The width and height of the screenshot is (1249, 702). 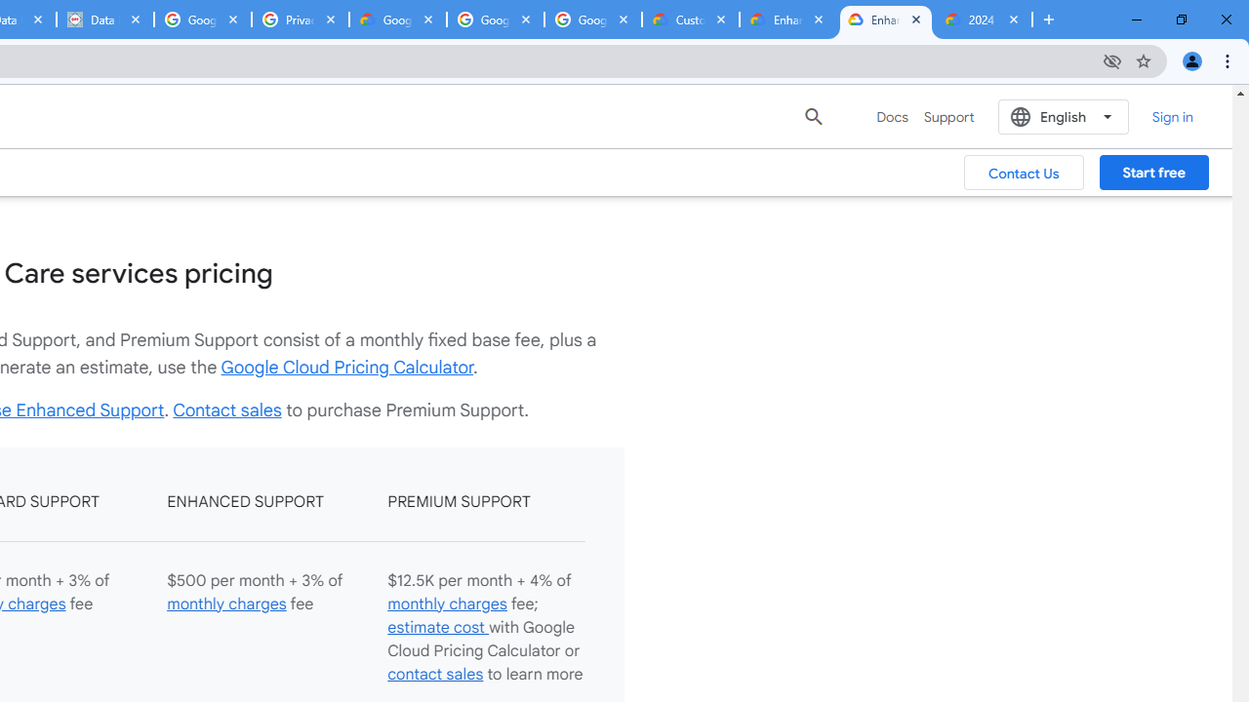 I want to click on 'Restore', so click(x=1180, y=19).